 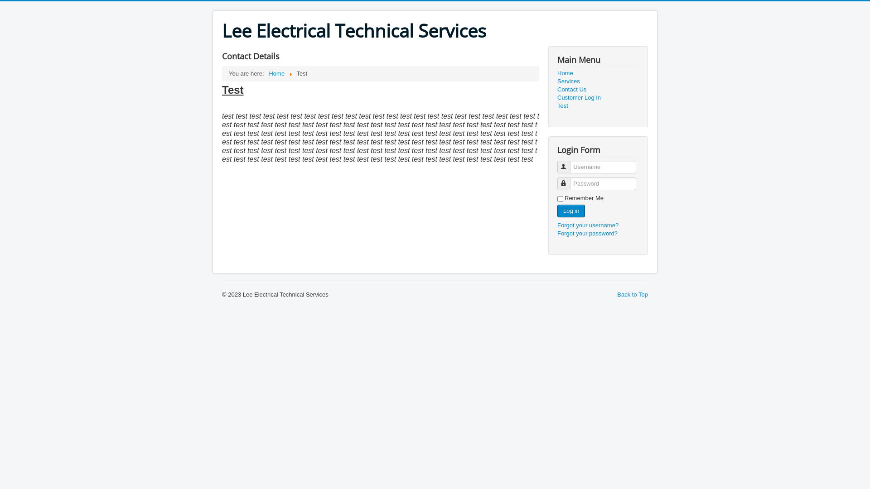 I want to click on 'Back to Top', so click(x=617, y=294).